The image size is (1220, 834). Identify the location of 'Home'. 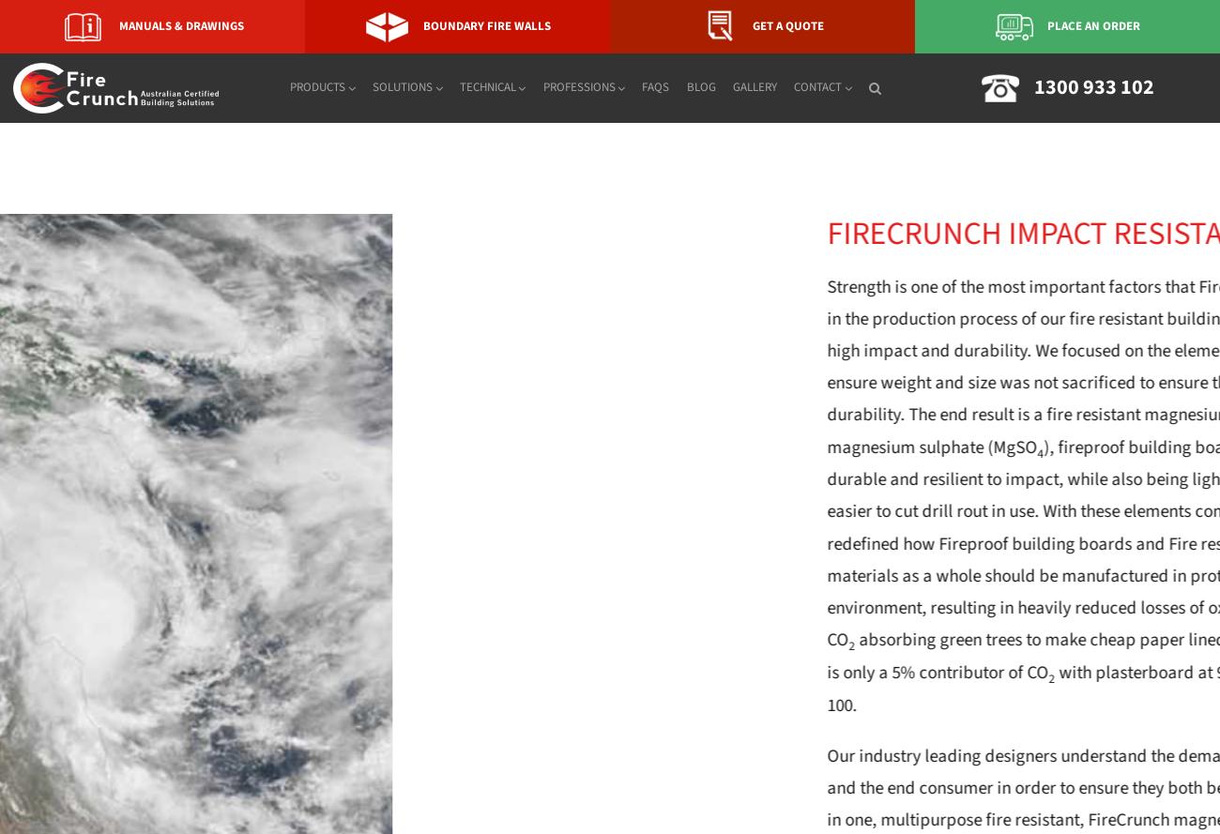
(16, 139).